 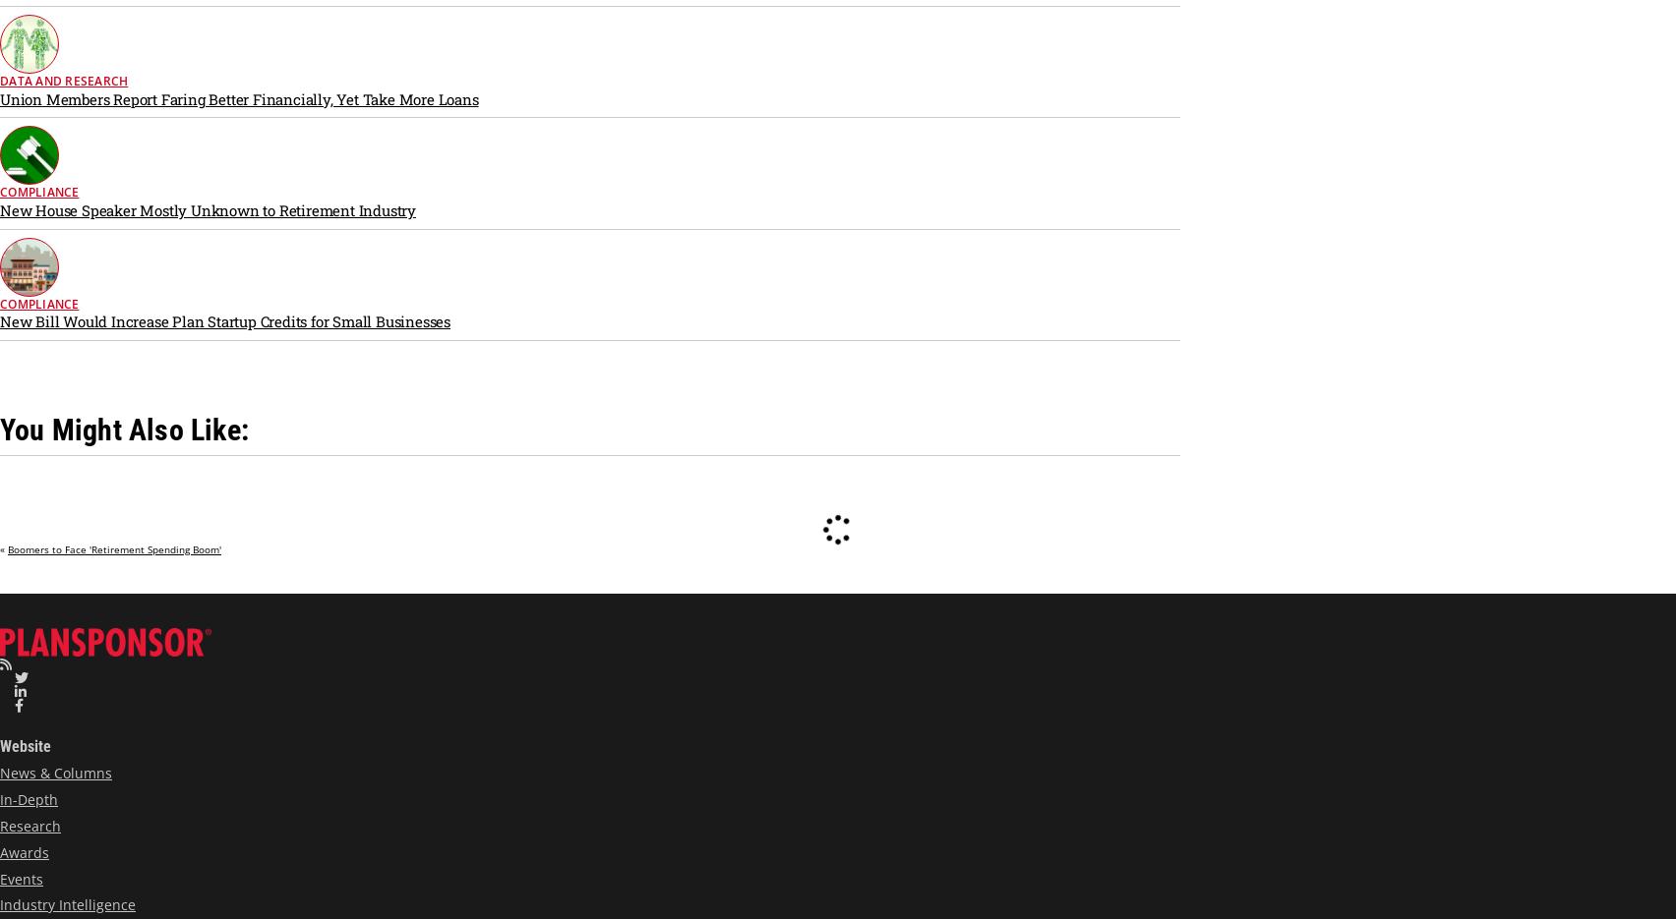 I want to click on 'New Bill Would Increase Plan Startup Credits for Small Businesses', so click(x=224, y=320).